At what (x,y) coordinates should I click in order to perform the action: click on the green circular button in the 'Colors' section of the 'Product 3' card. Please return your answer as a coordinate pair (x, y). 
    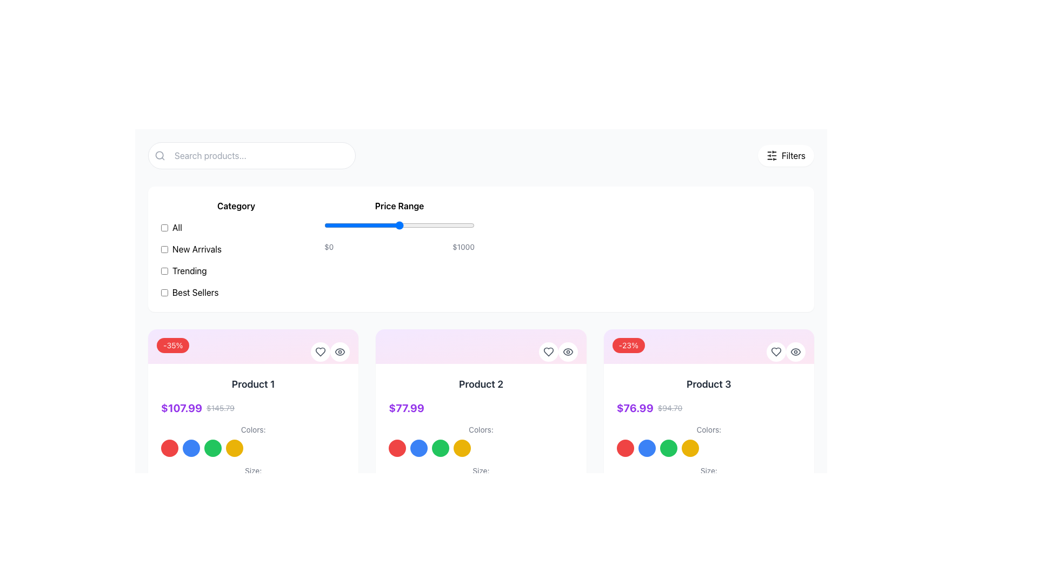
    Looking at the image, I should click on (668, 448).